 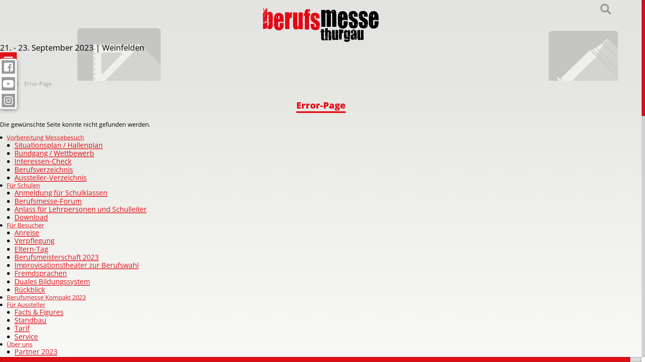 I want to click on 'Tarif', so click(x=22, y=327).